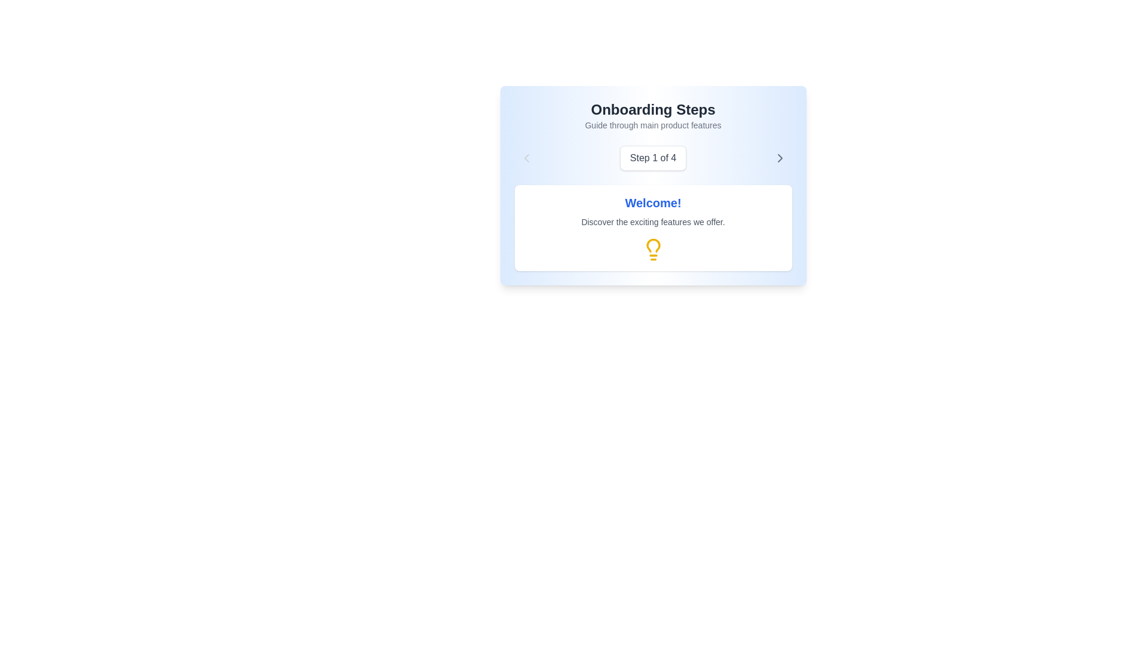 This screenshot has width=1148, height=645. Describe the element at coordinates (780, 158) in the screenshot. I see `the forward navigation button located on the far-right end of the 'Step 1 of 4' section to advance to the next step in the process` at that location.